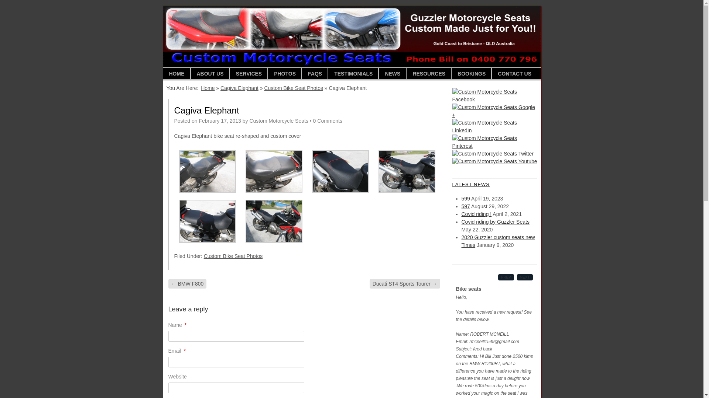  Describe the element at coordinates (465, 198) in the screenshot. I see `'599'` at that location.